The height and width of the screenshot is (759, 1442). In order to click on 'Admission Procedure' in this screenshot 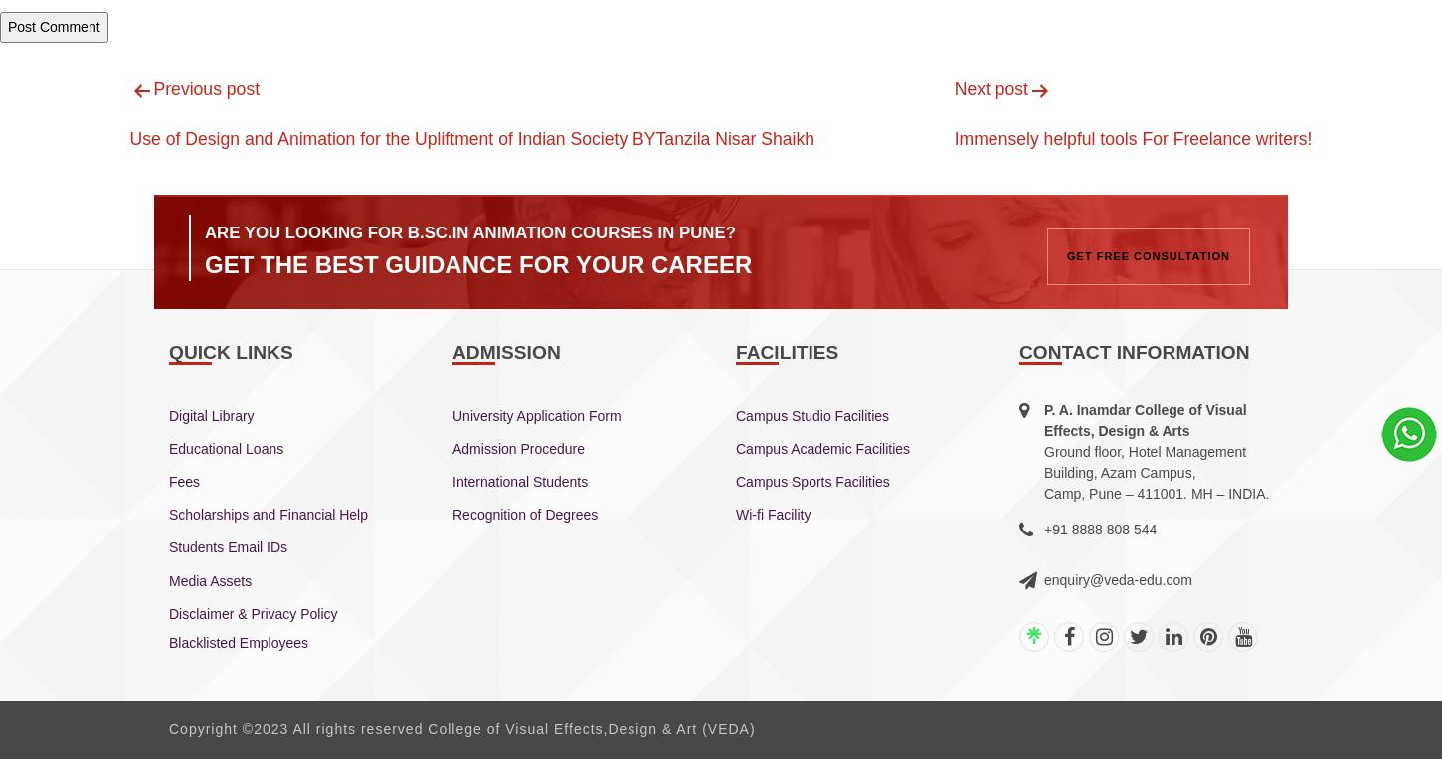, I will do `click(518, 447)`.